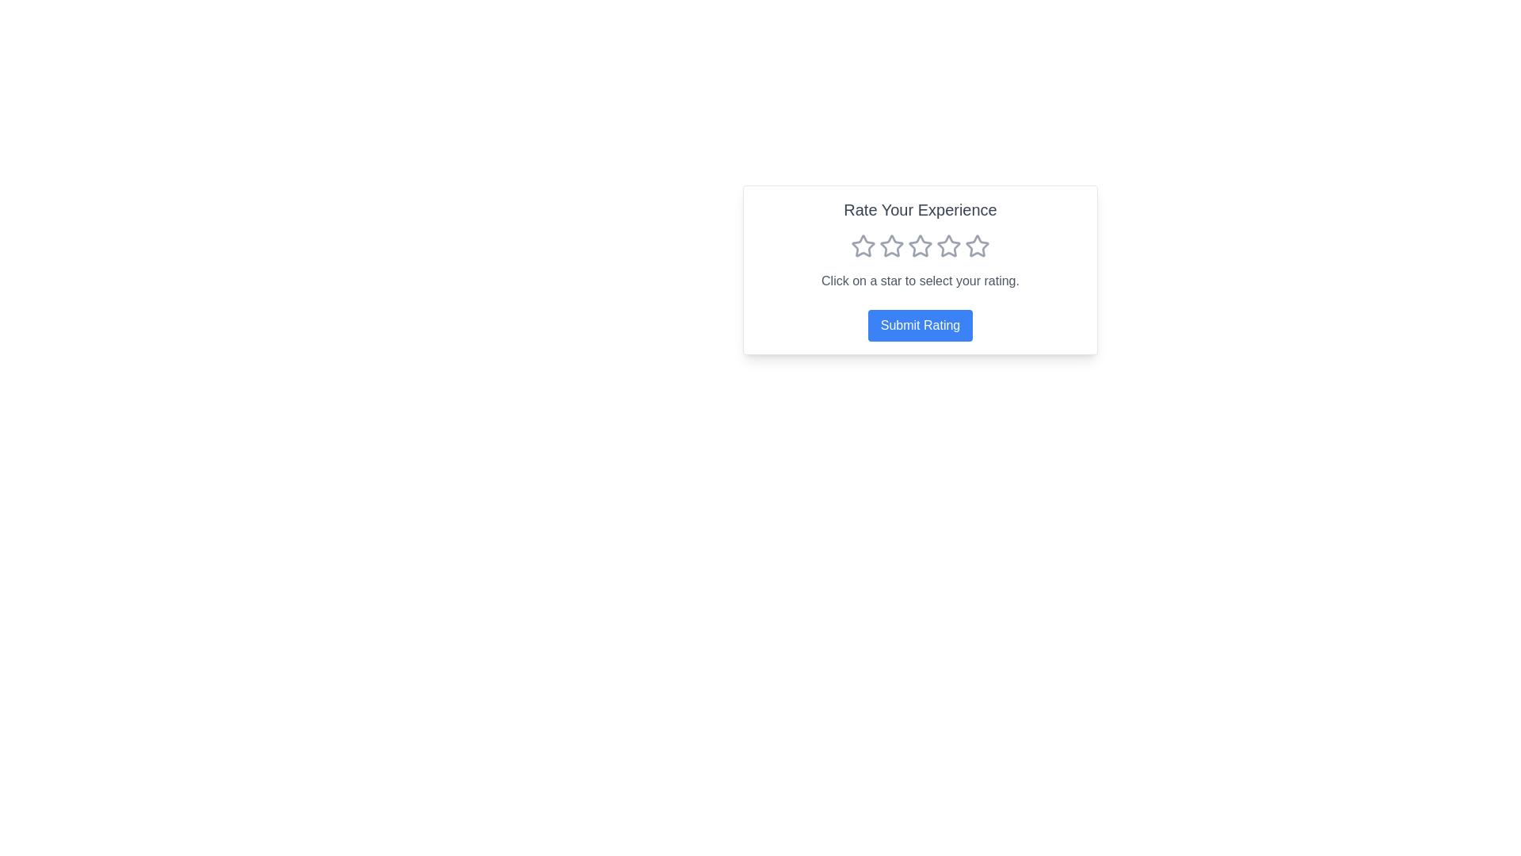  What do you see at coordinates (920, 246) in the screenshot?
I see `the fourth star in the rating system located within the 'Rate Your Experience' card` at bounding box center [920, 246].